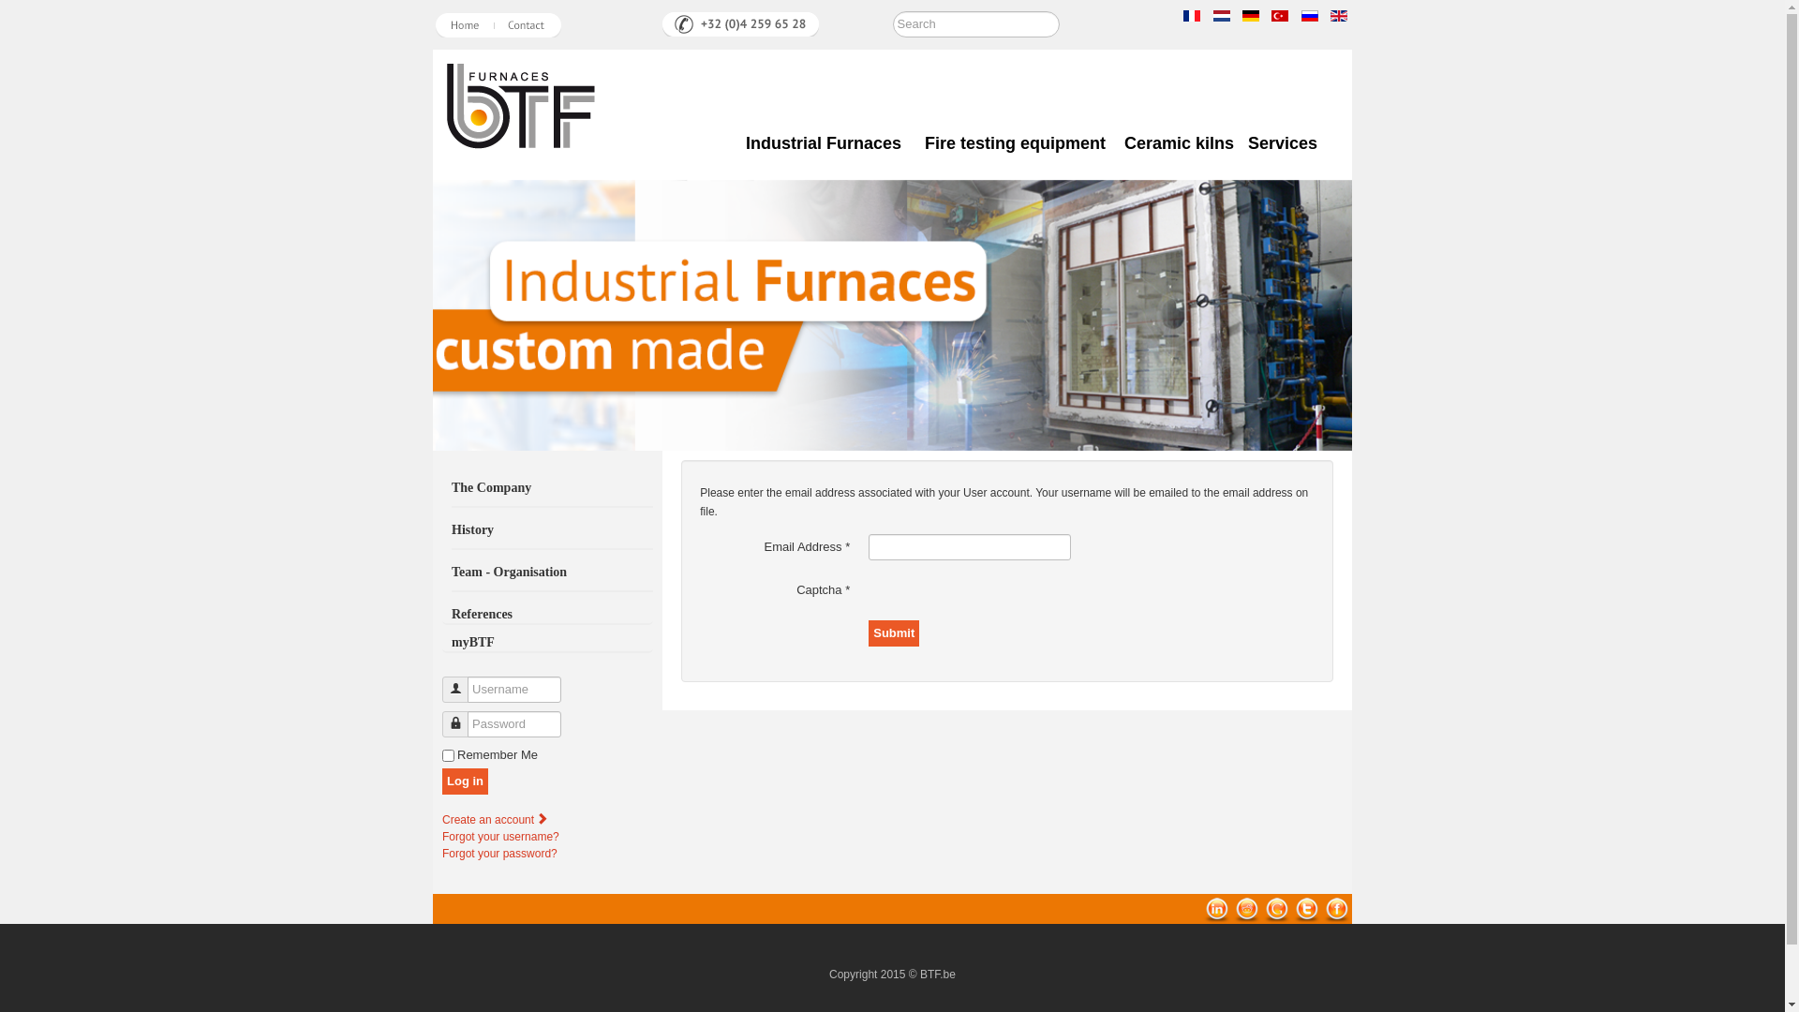 This screenshot has height=1012, width=1799. Describe the element at coordinates (440, 635) in the screenshot. I see `'myBTF'` at that location.